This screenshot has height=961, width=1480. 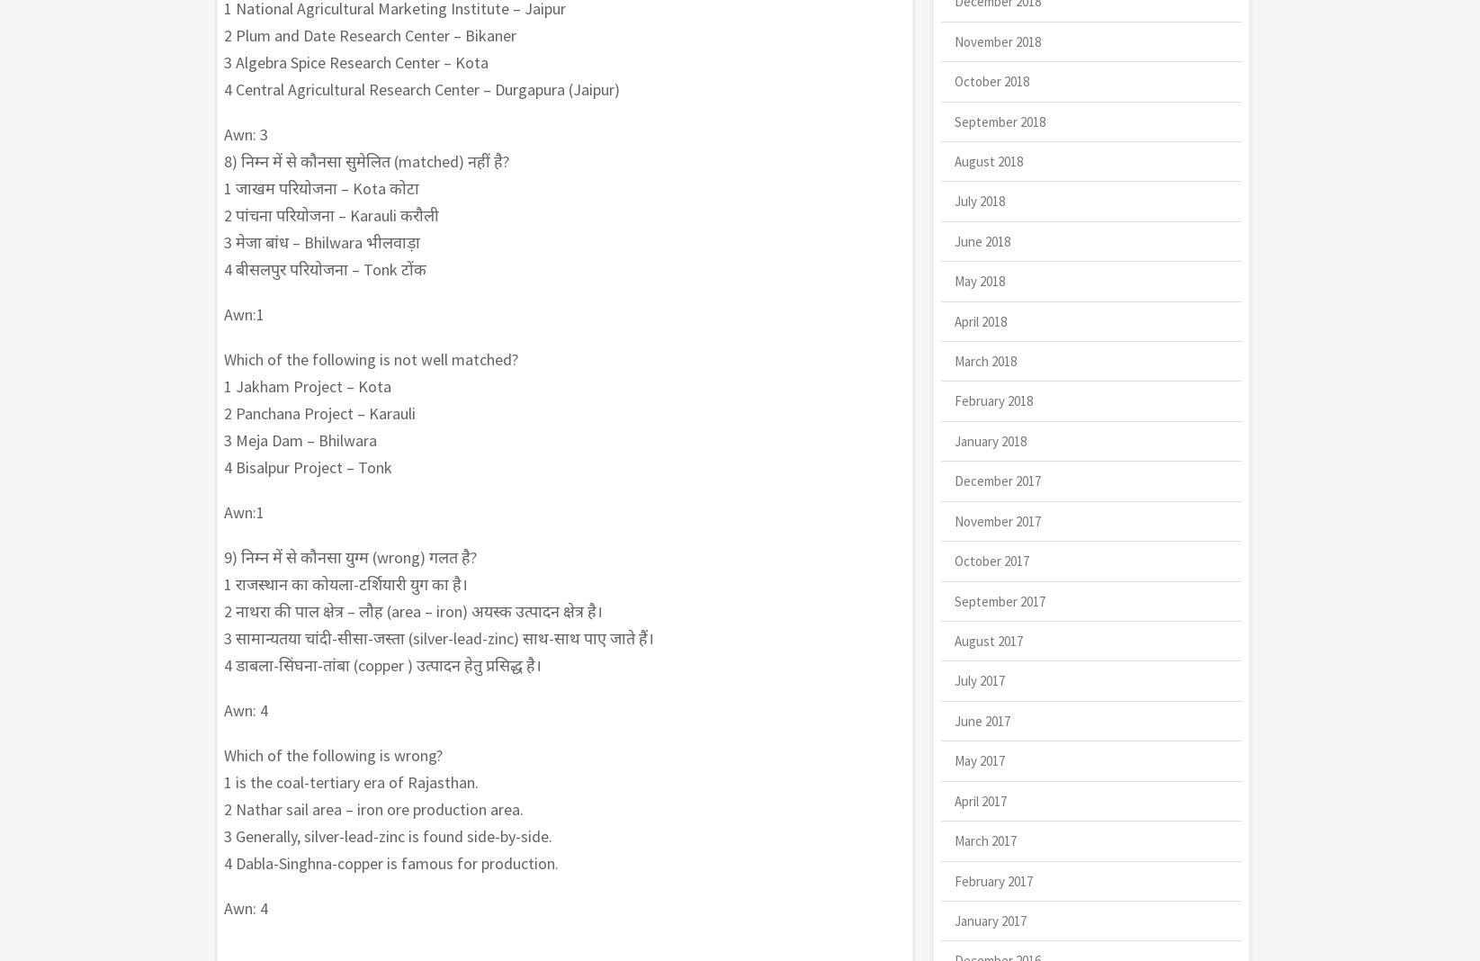 I want to click on 'August 2017', so click(x=987, y=641).